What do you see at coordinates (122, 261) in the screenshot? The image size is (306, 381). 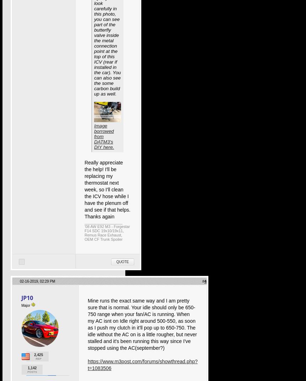 I see `'Quote'` at bounding box center [122, 261].